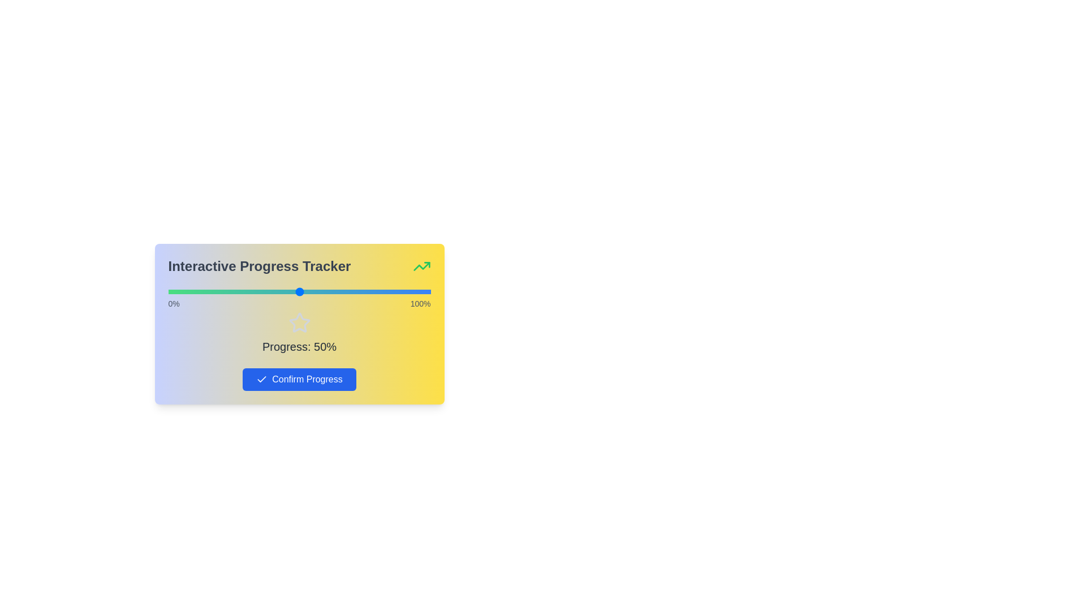  I want to click on the progress slider to 19%, so click(218, 291).